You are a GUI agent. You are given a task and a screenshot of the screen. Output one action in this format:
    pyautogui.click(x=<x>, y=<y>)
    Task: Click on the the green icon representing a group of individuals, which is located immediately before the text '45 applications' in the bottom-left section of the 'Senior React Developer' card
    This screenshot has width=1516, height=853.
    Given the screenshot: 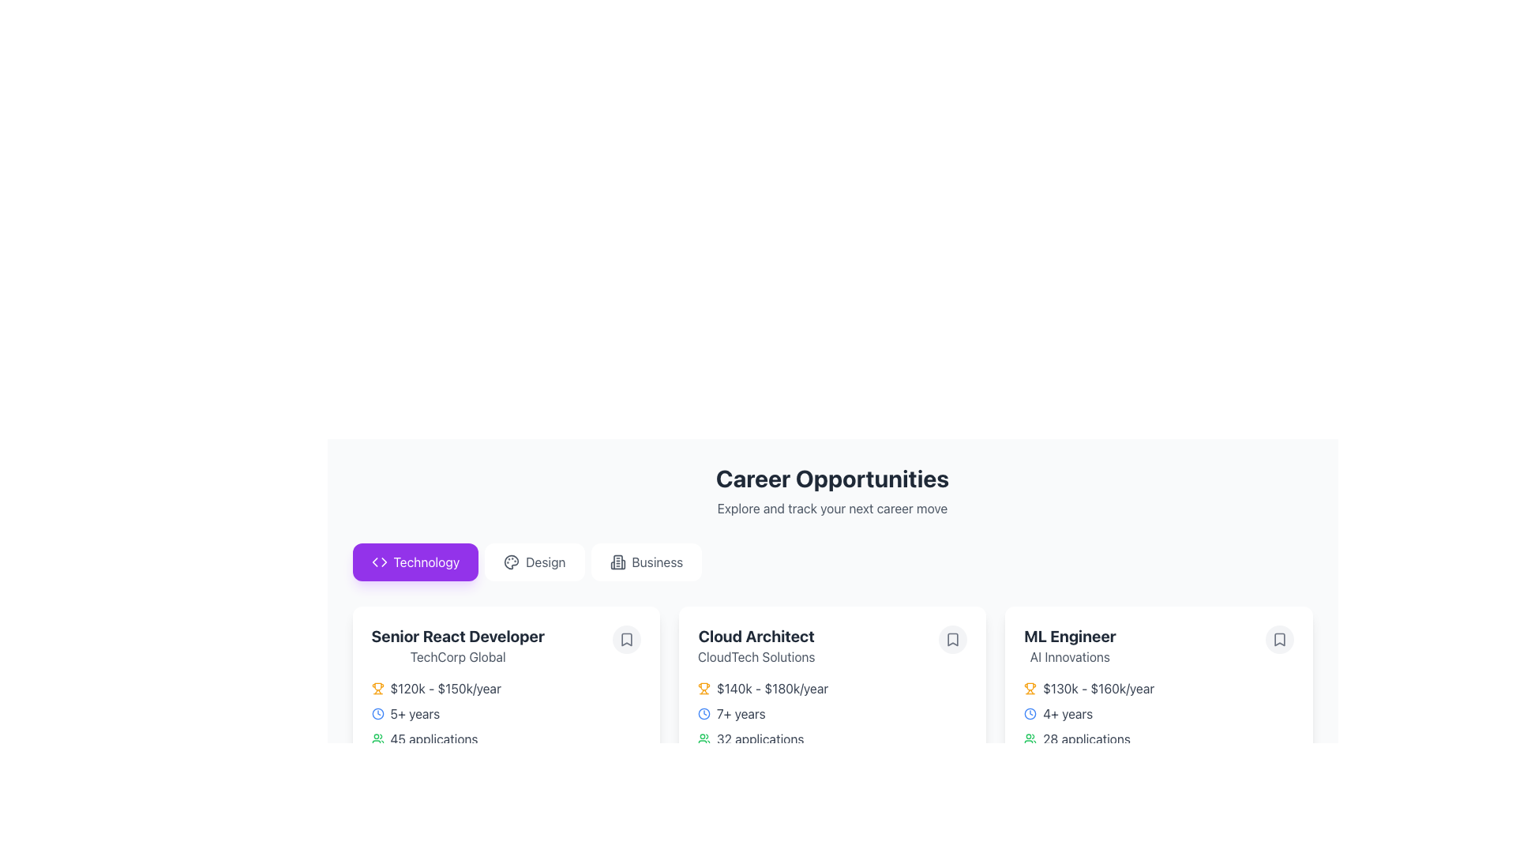 What is the action you would take?
    pyautogui.click(x=377, y=739)
    